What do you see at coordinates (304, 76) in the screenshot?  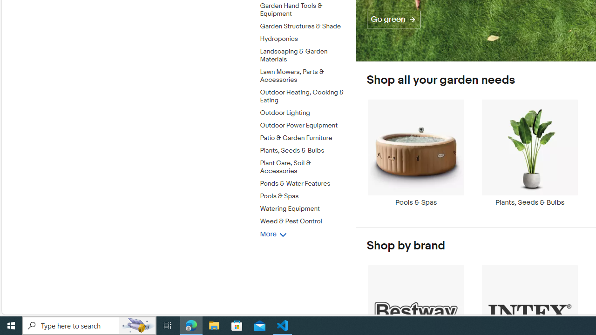 I see `'Lawn Mowers, Parts & Accessories'` at bounding box center [304, 76].